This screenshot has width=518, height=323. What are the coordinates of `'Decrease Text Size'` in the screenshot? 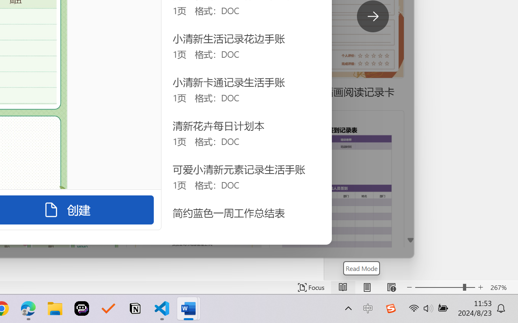 It's located at (409, 287).